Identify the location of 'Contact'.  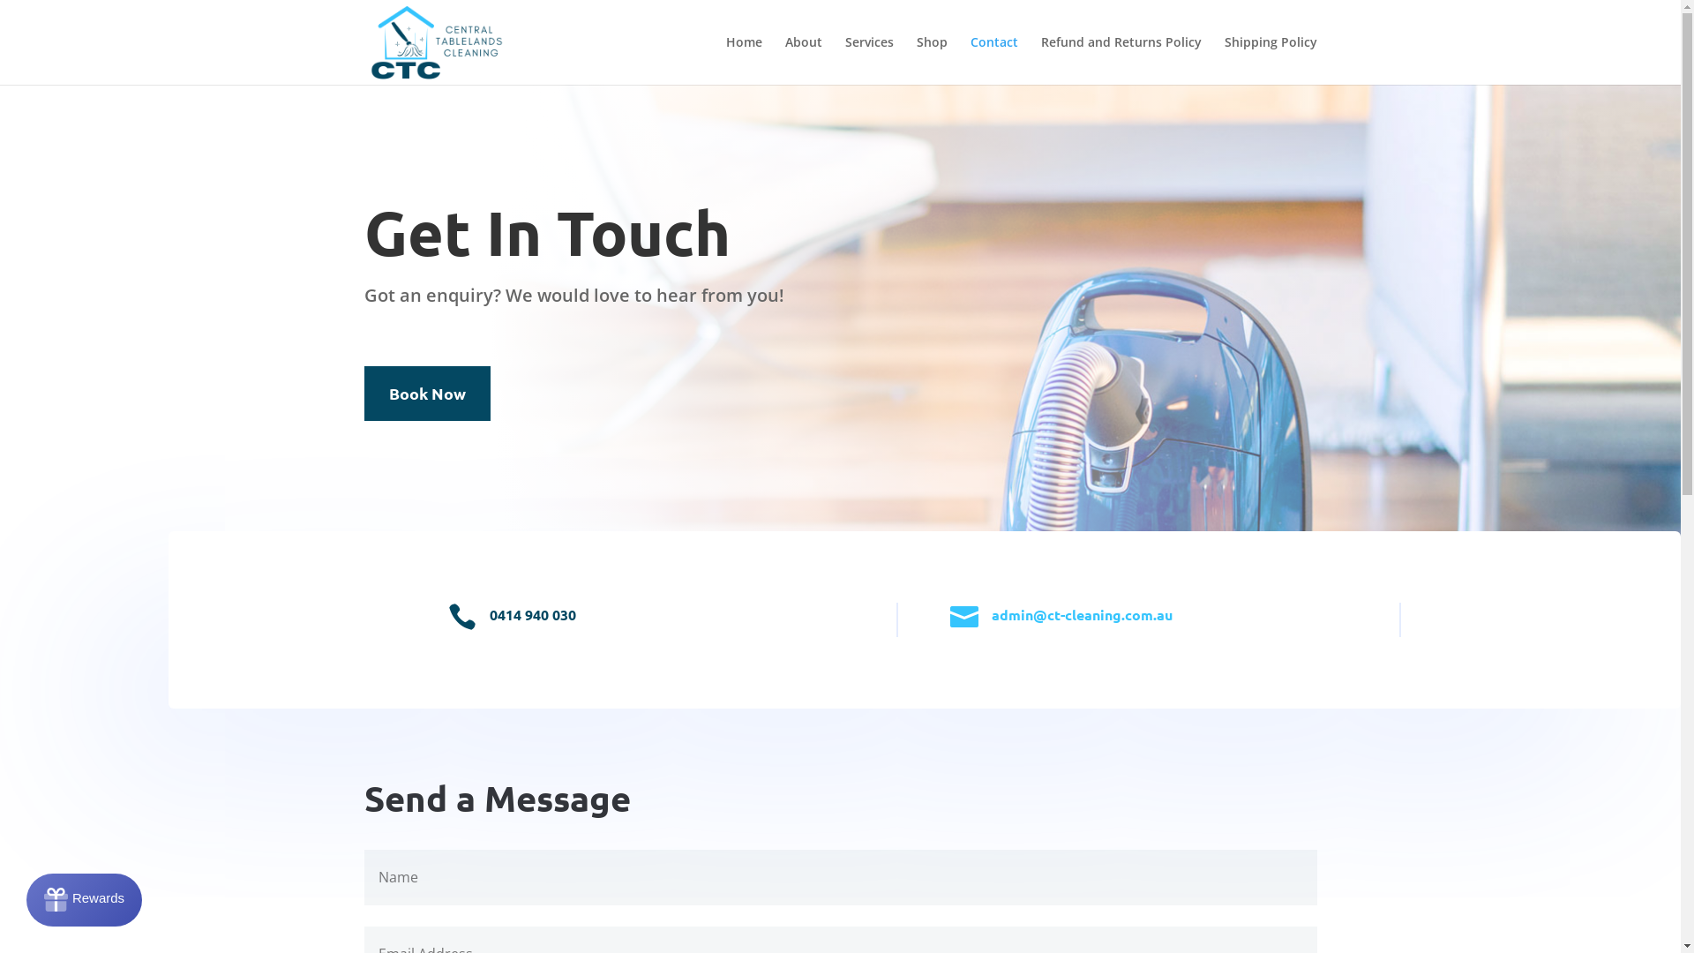
(969, 59).